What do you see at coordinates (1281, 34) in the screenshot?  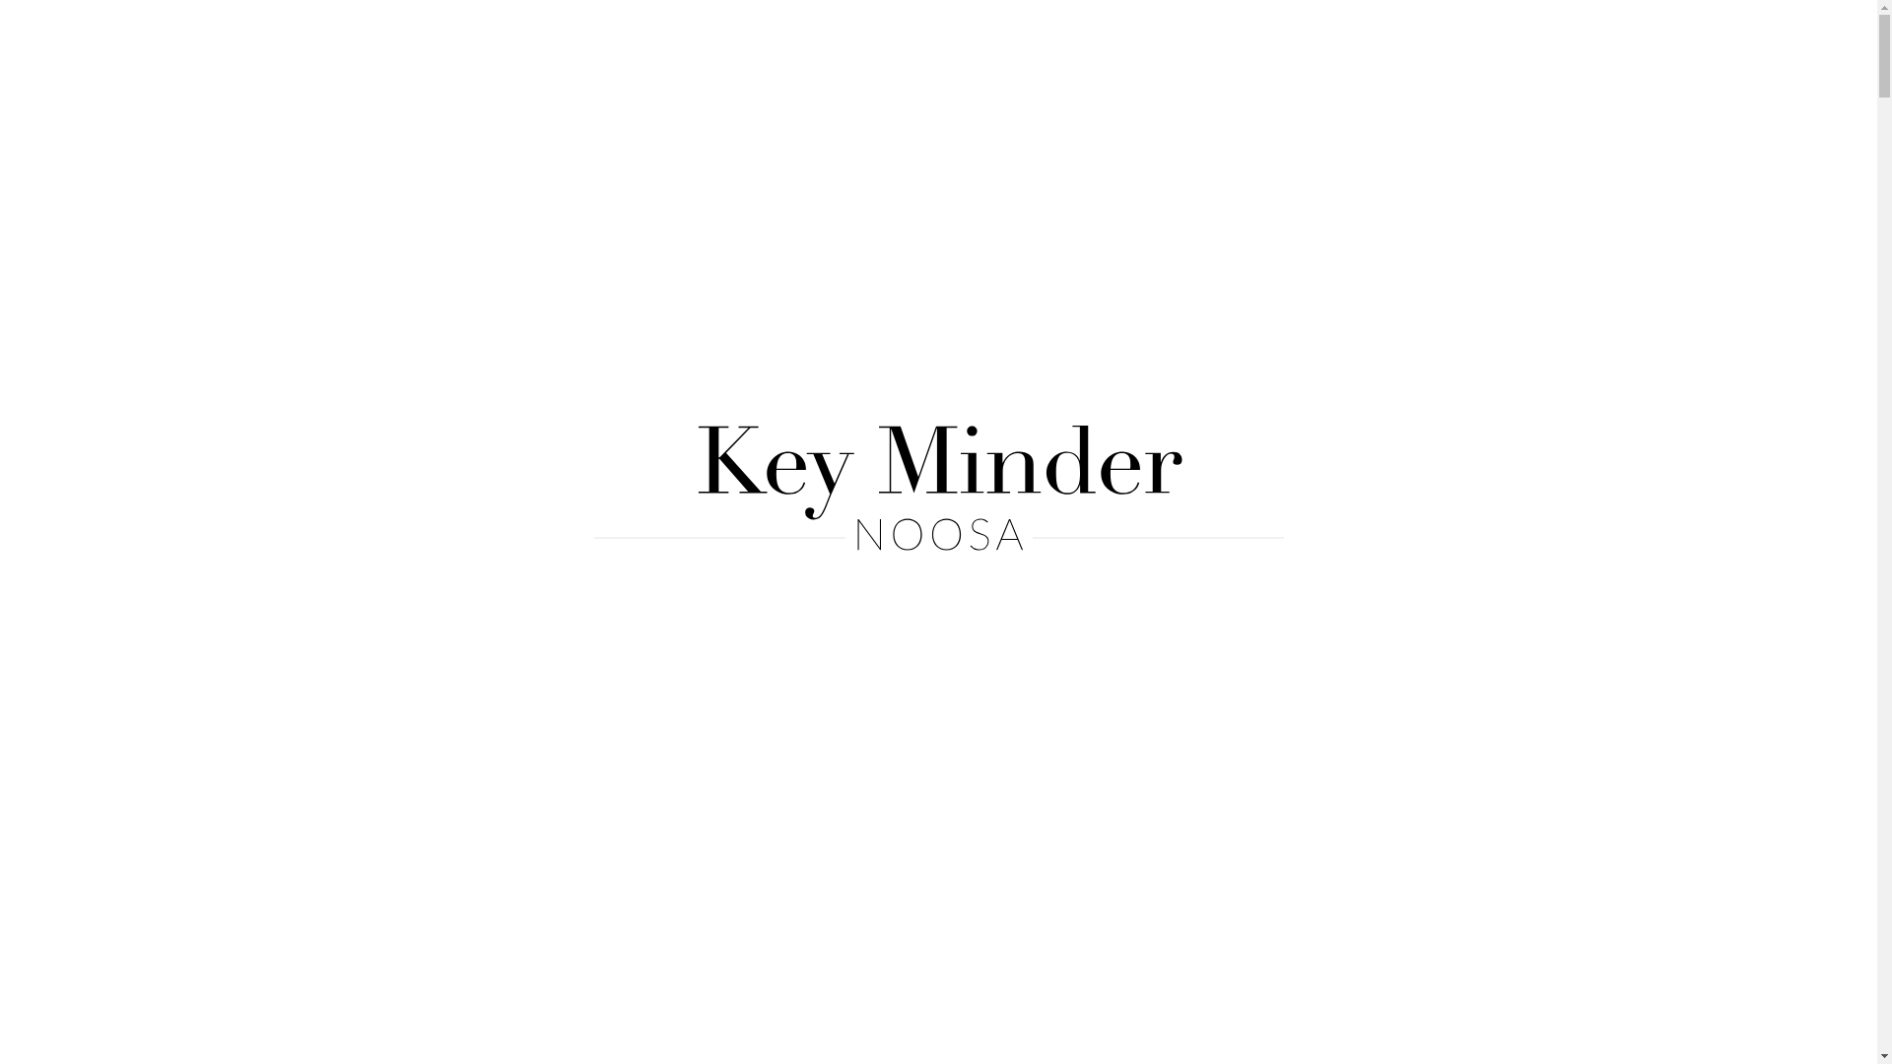 I see `'ENQUIRE'` at bounding box center [1281, 34].